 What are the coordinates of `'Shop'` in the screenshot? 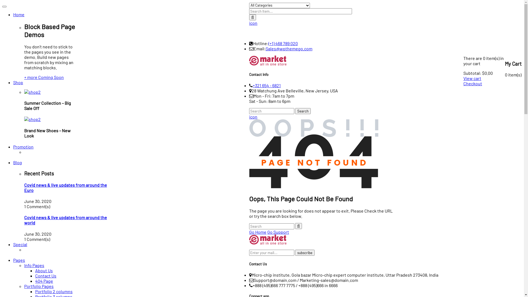 It's located at (18, 82).